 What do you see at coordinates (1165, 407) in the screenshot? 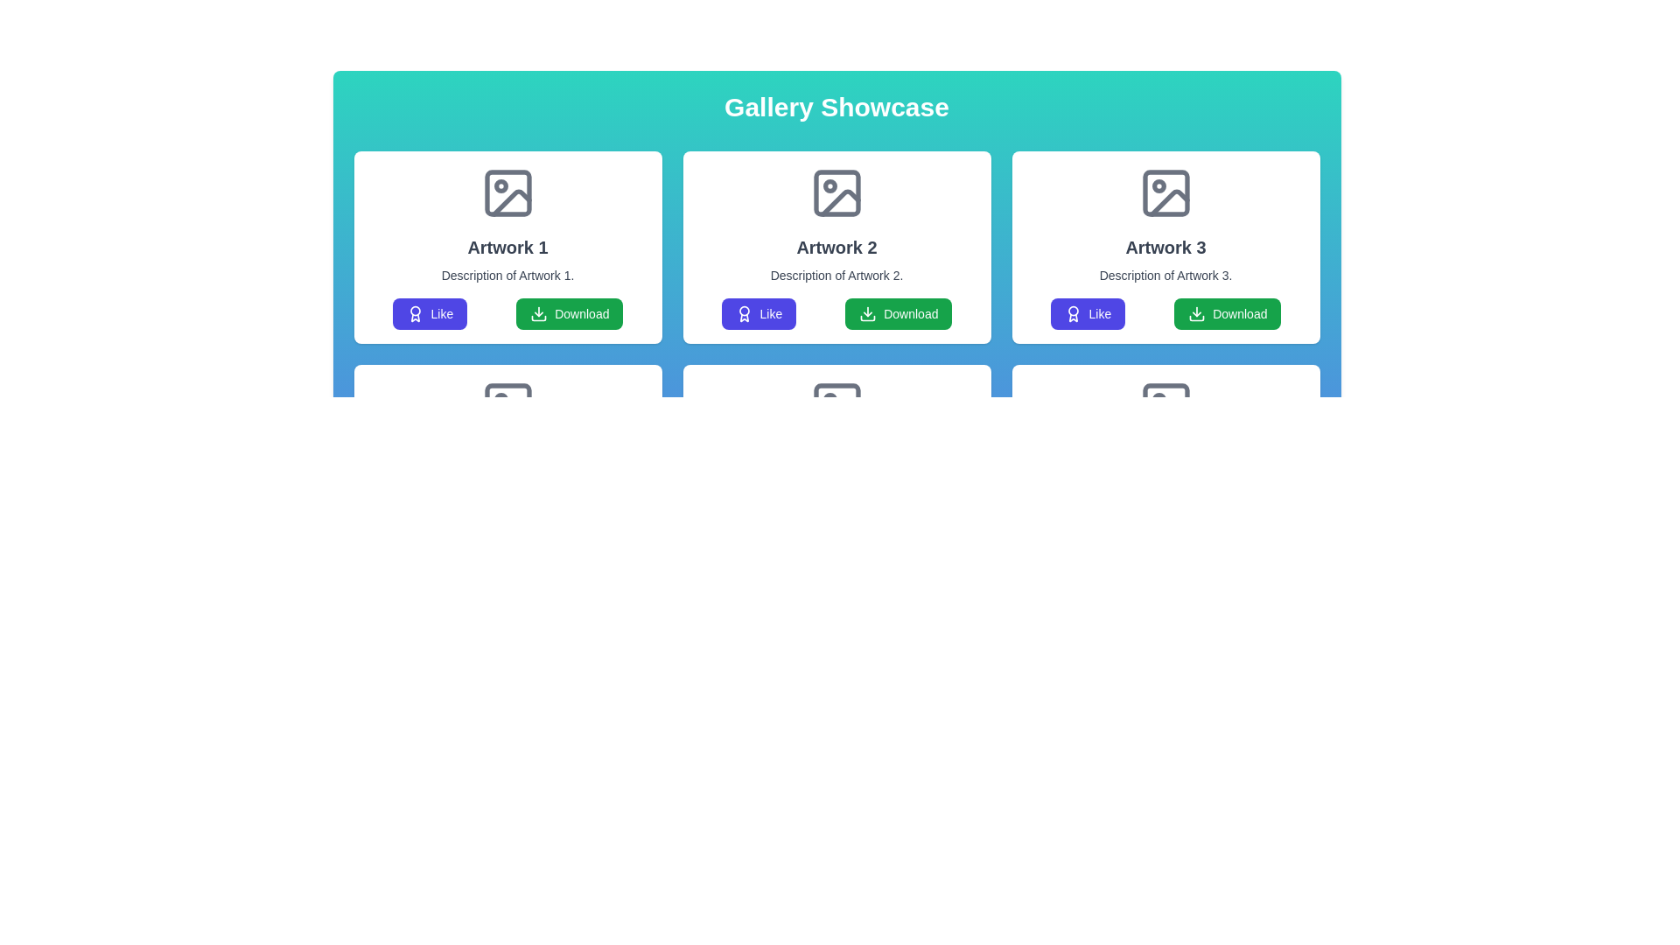
I see `the small rectangular decorative graphic element with a gray outline located within the 'Artwork 3' card, near the top right section of the card` at bounding box center [1165, 407].